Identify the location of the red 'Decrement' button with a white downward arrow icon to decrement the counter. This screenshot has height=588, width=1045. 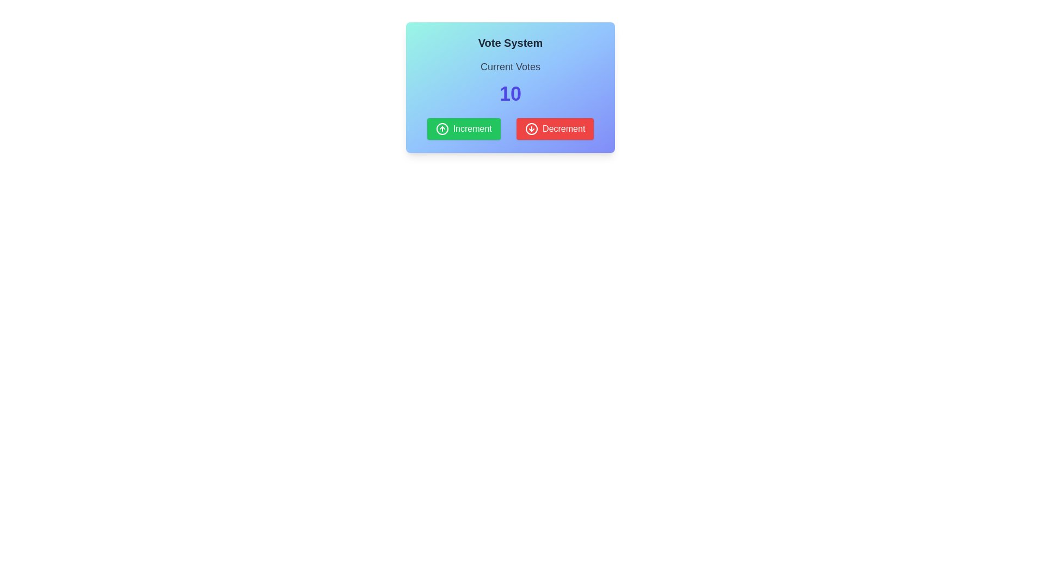
(555, 128).